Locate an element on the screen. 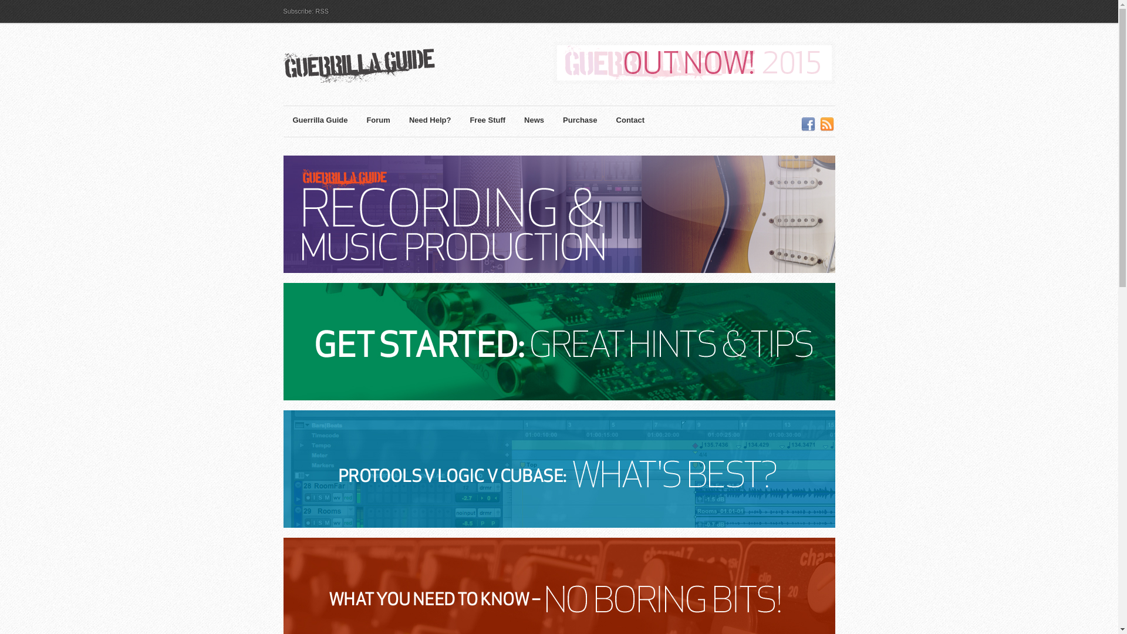 Image resolution: width=1127 pixels, height=634 pixels. 'Free Stuff' is located at coordinates (487, 122).